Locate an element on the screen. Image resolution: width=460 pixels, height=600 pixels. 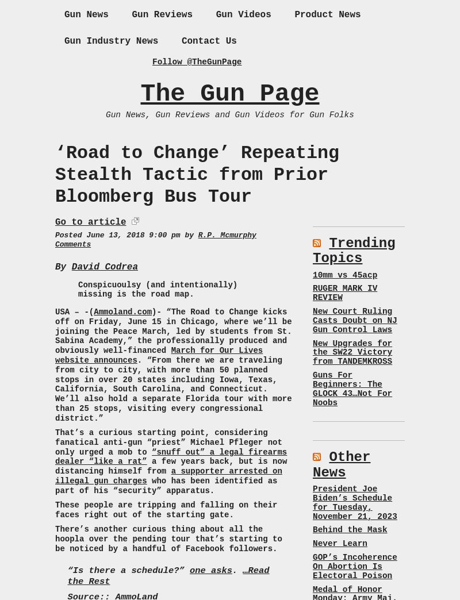
'GOP’s Incoherence On Abortion Is Electoral Poison' is located at coordinates (354, 566).